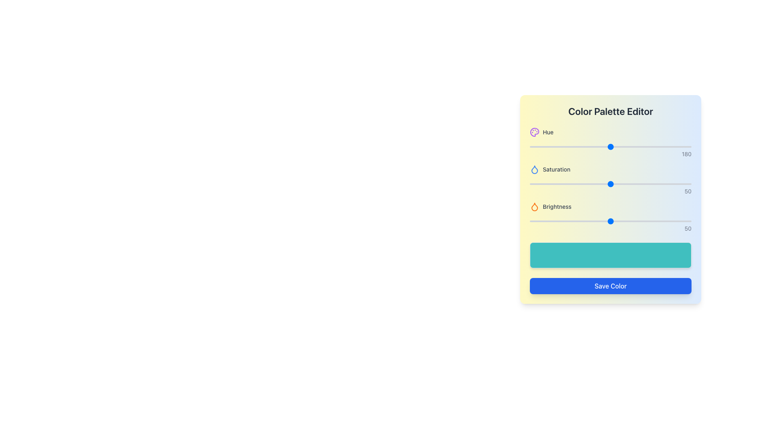 Image resolution: width=776 pixels, height=437 pixels. What do you see at coordinates (565, 184) in the screenshot?
I see `the slider value` at bounding box center [565, 184].